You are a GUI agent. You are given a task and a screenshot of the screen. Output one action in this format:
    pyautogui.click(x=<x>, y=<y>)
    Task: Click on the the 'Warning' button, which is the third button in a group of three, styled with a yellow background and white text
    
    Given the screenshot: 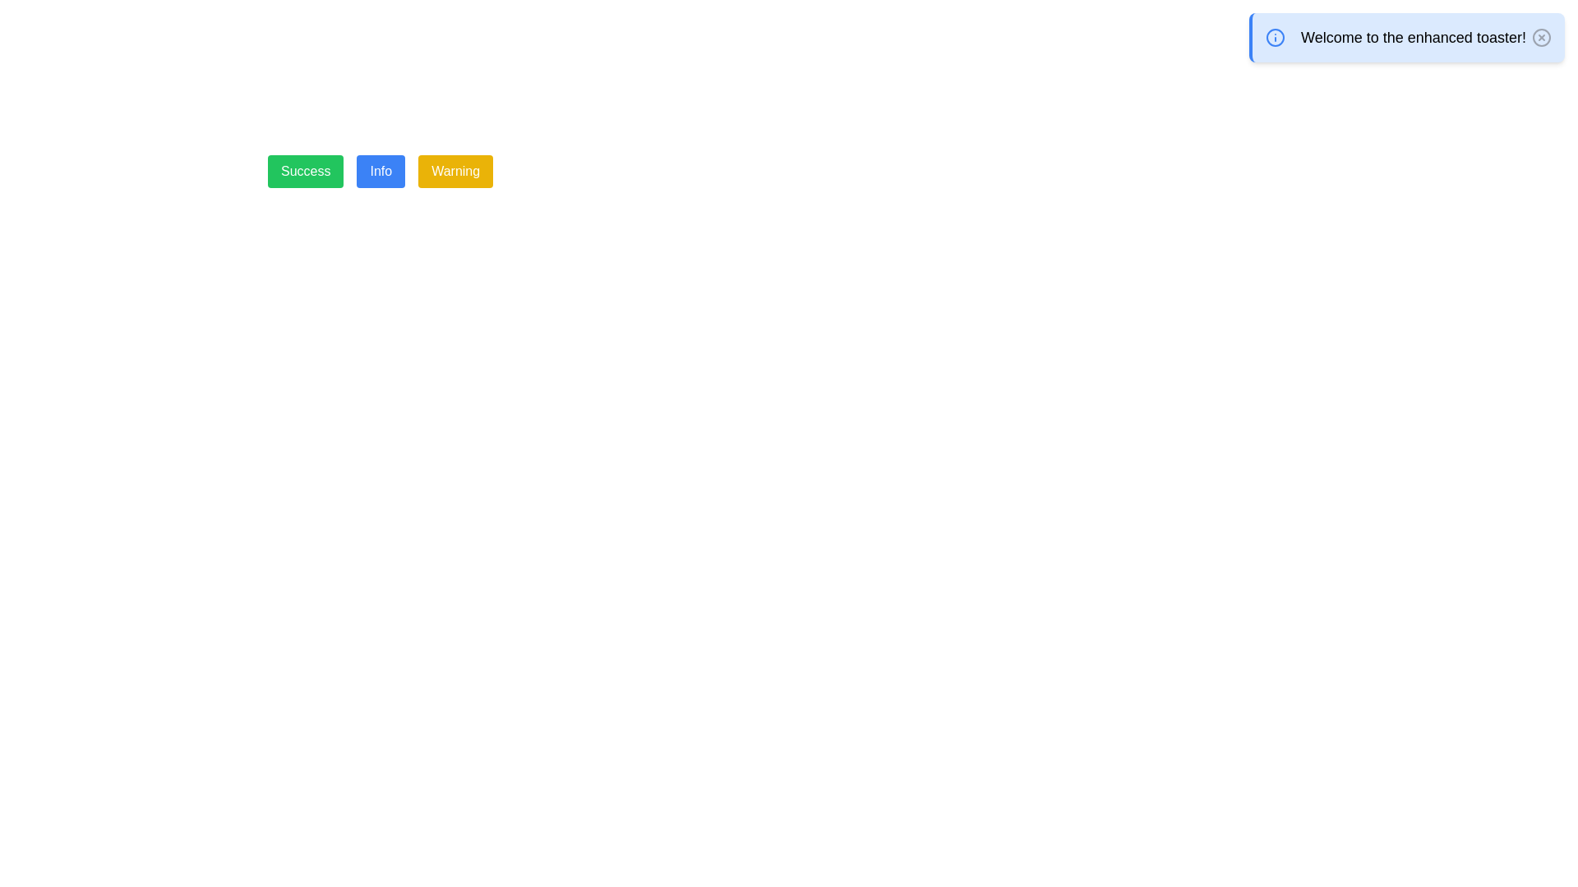 What is the action you would take?
    pyautogui.click(x=455, y=171)
    